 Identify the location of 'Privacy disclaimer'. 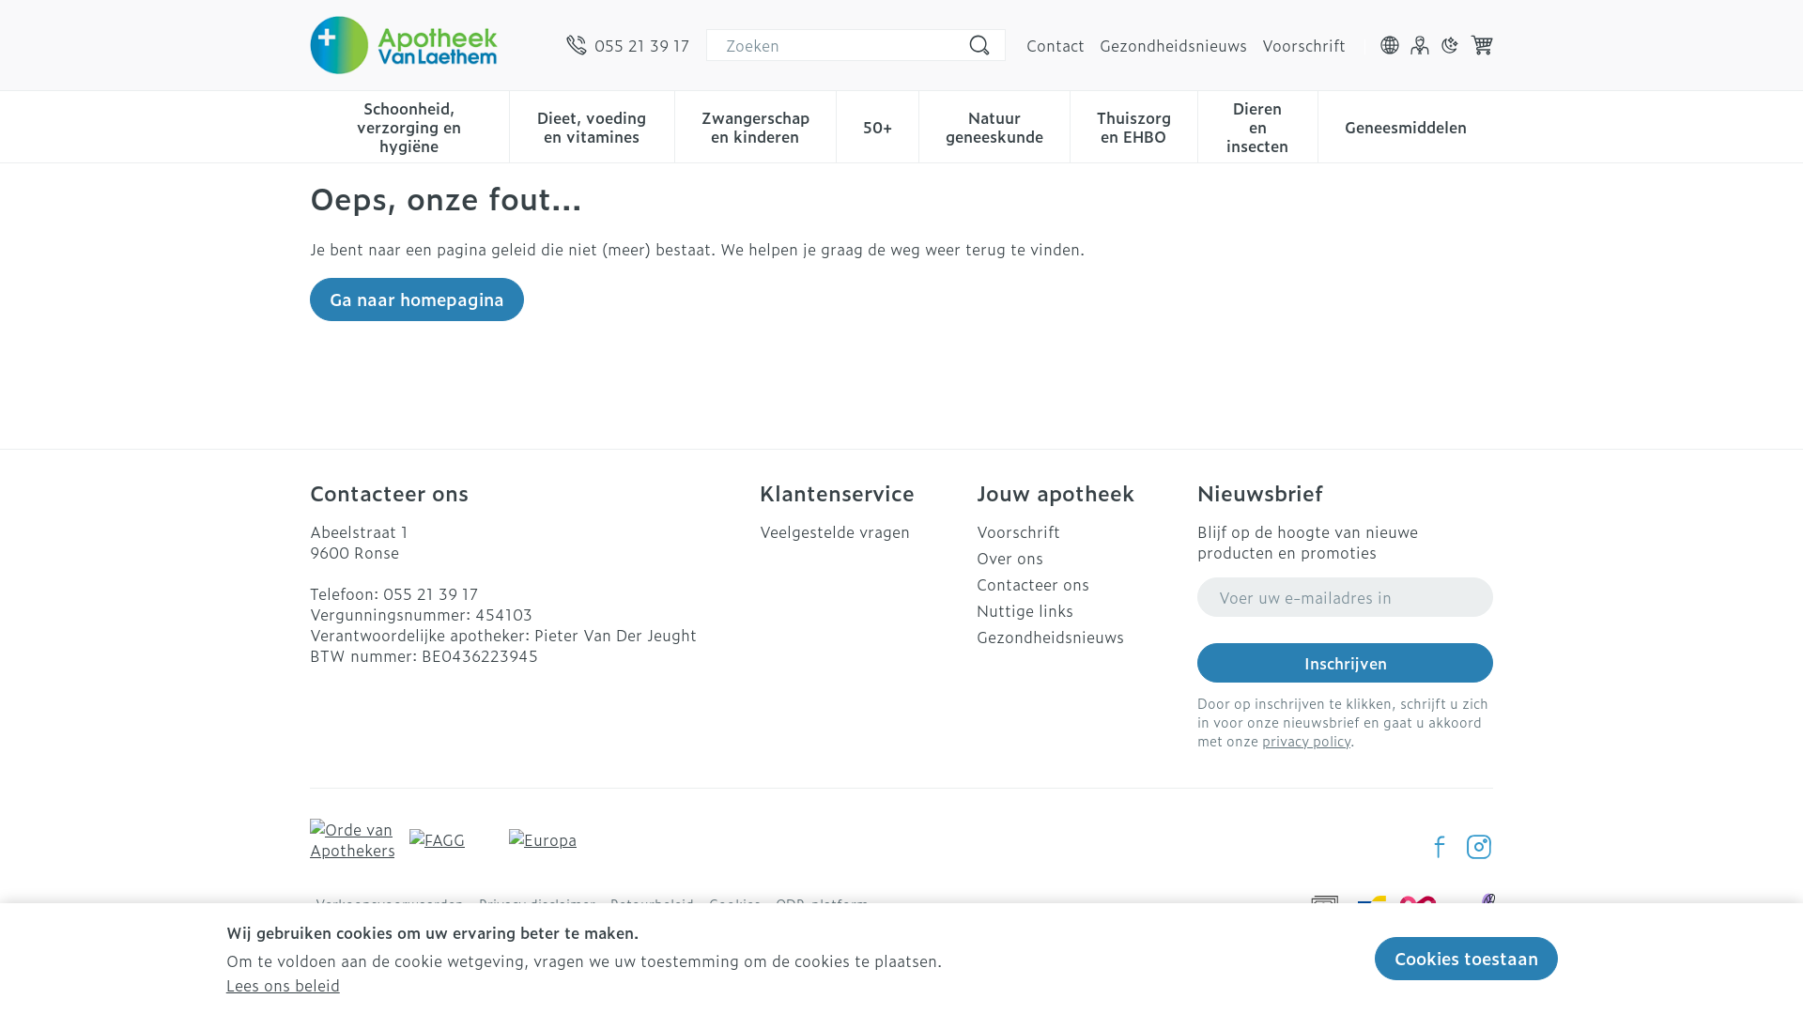
(478, 903).